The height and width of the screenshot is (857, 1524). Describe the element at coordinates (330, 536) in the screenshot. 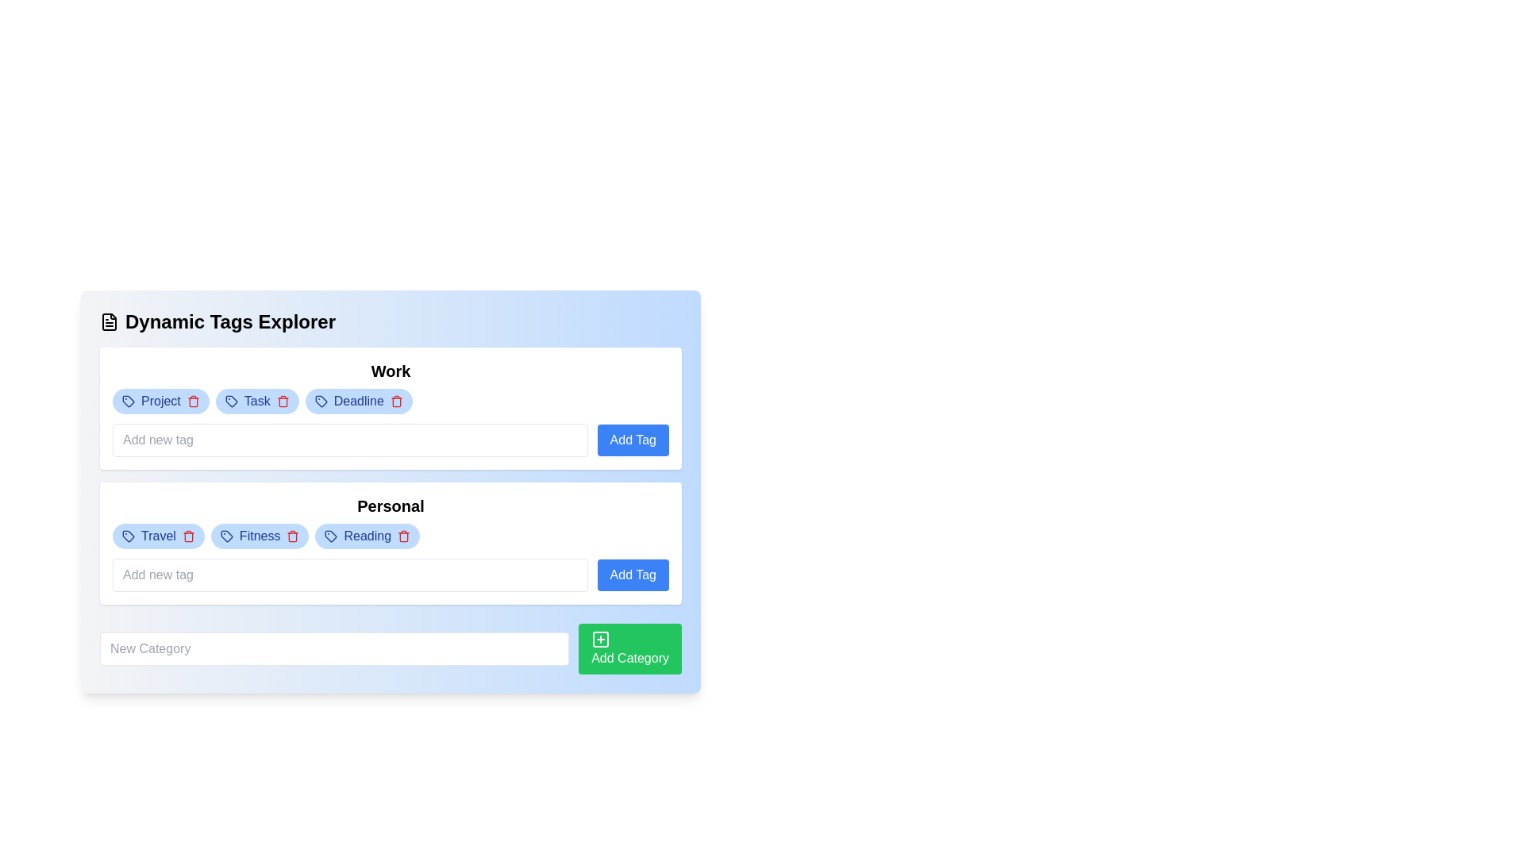

I see `the decorative icon representing the 'Reading' label in the 'Personal' category section, located to the left of the tag's text` at that location.